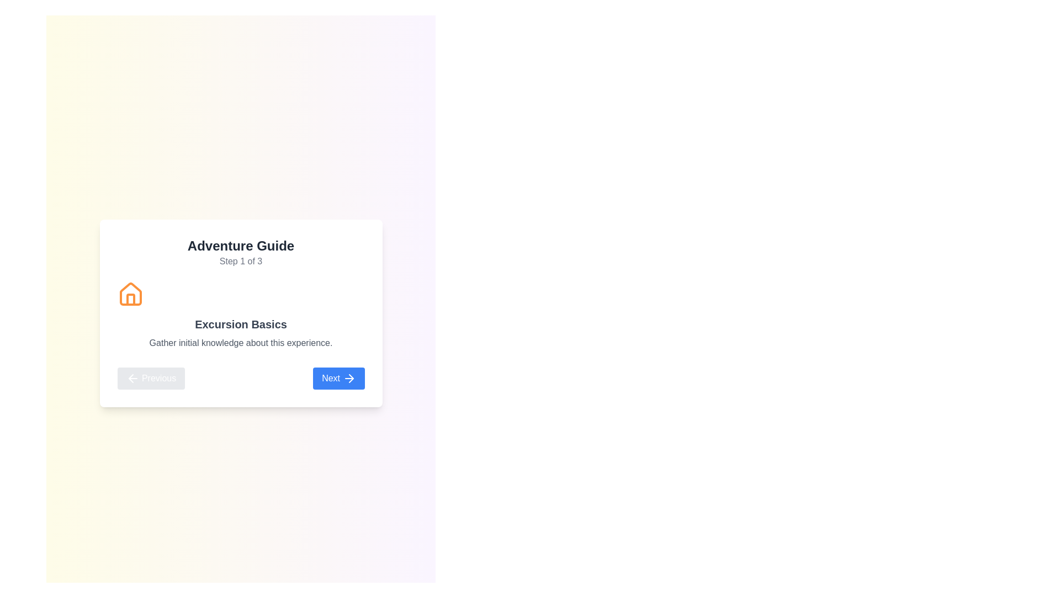 This screenshot has width=1060, height=596. I want to click on header text displayed at the top of the white card interface, which shows 'Adventure Guide' in bold and 'Step 1 of 3' below it in gray, so click(240, 252).